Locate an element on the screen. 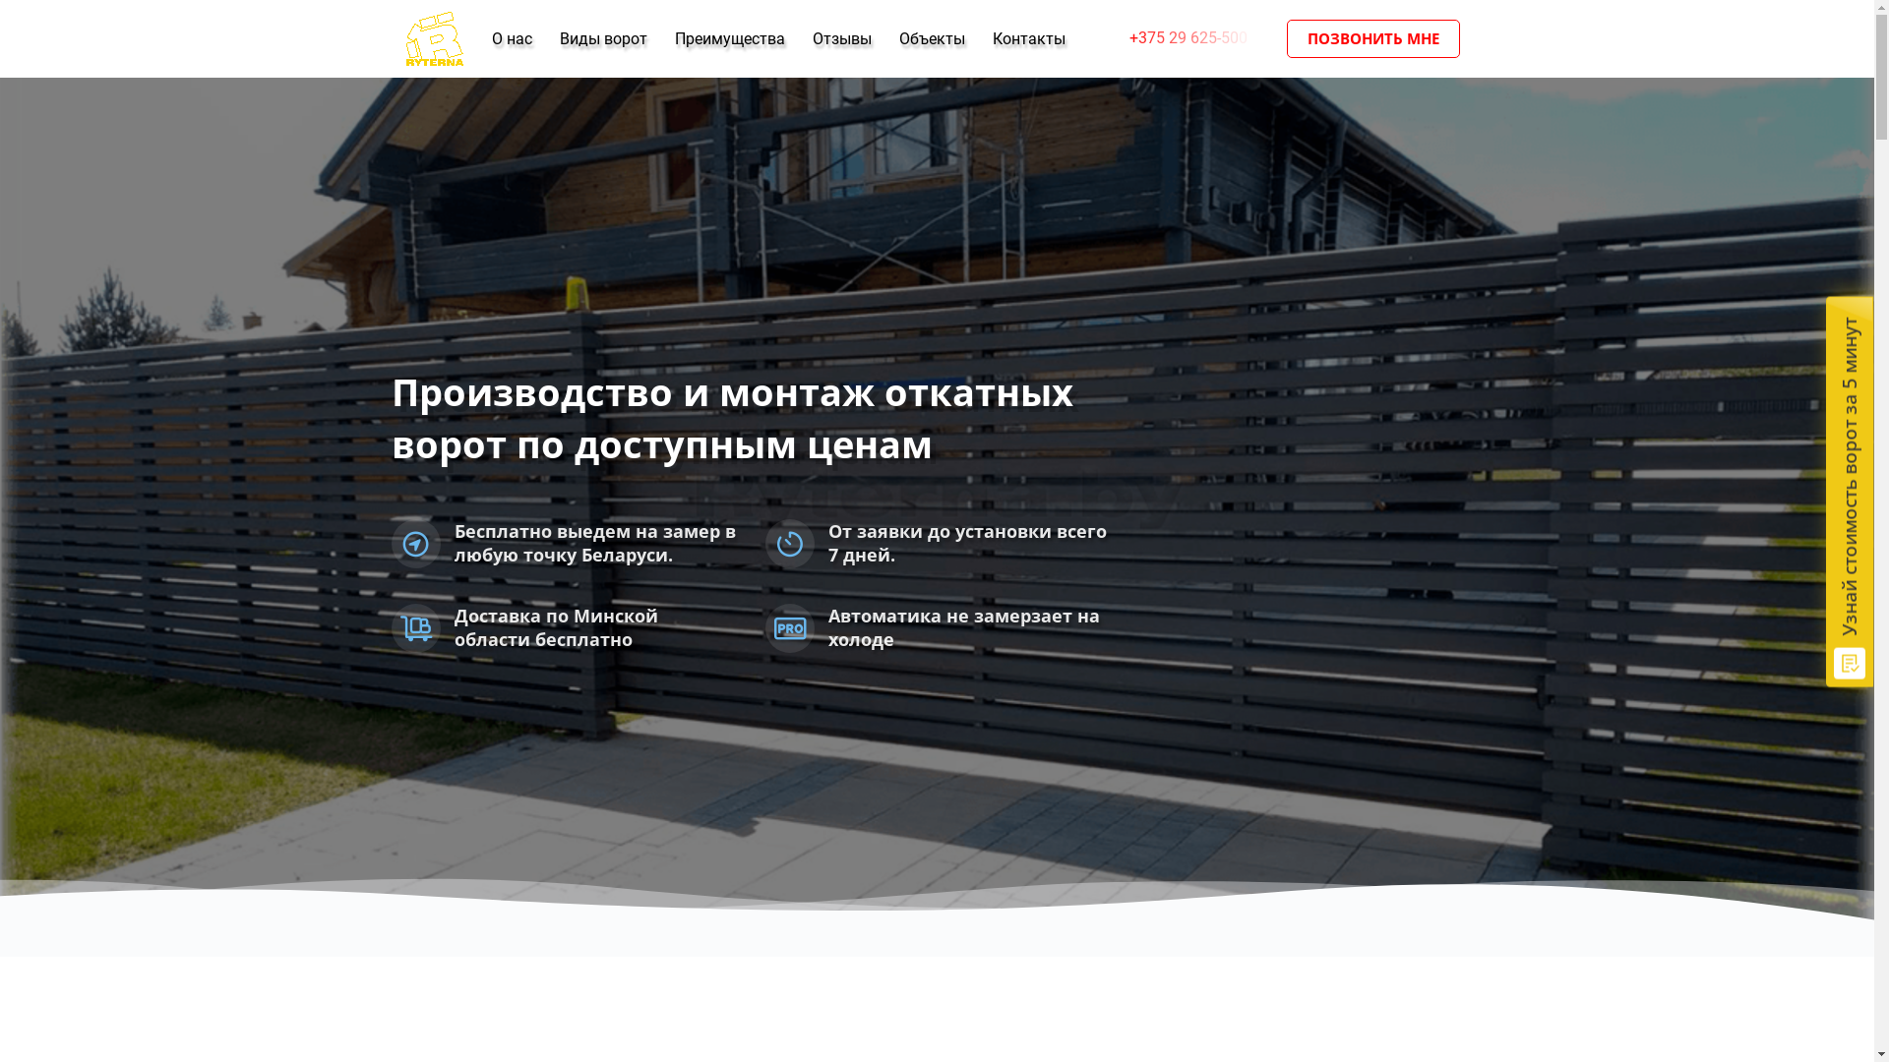 The image size is (1889, 1062). '+375 29 625-500' is located at coordinates (1109, 37).